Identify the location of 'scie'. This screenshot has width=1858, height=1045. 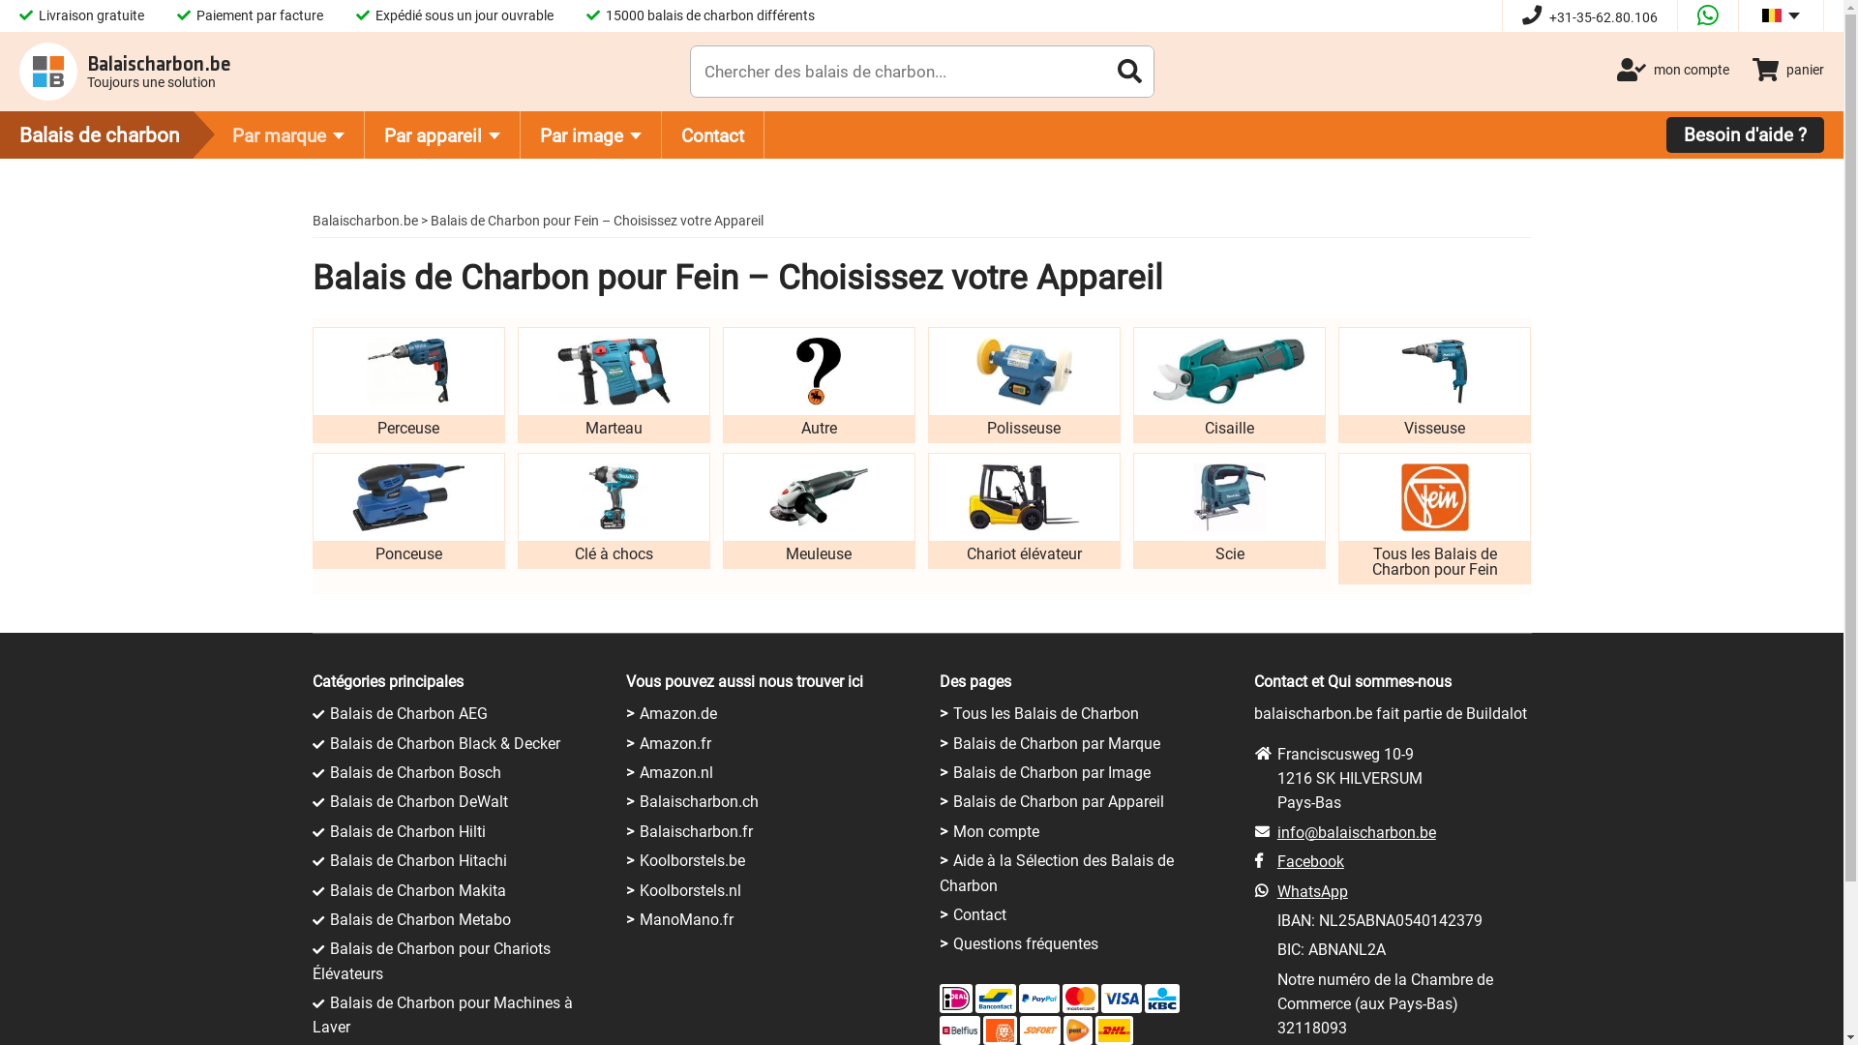
(1228, 495).